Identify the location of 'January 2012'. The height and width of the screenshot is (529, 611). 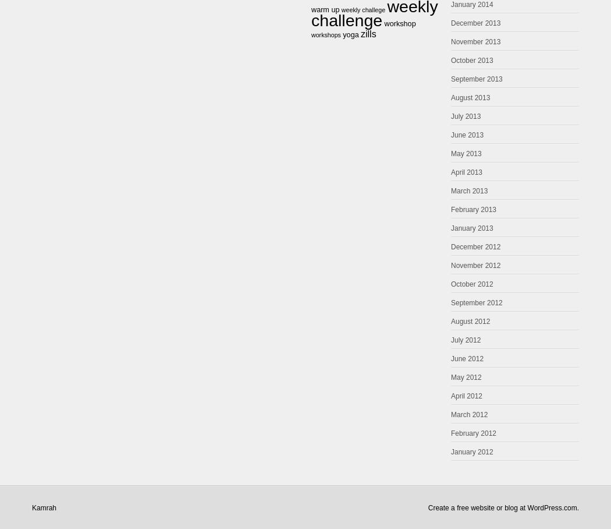
(471, 450).